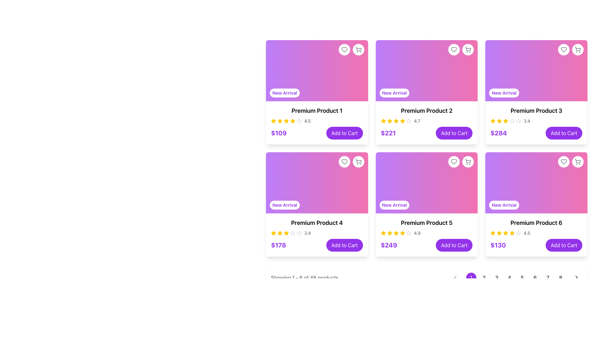 This screenshot has height=344, width=613. What do you see at coordinates (317, 233) in the screenshot?
I see `the rating value displayed in the Rating Component located below the product title 'Premium Product 4' within its product card` at bounding box center [317, 233].